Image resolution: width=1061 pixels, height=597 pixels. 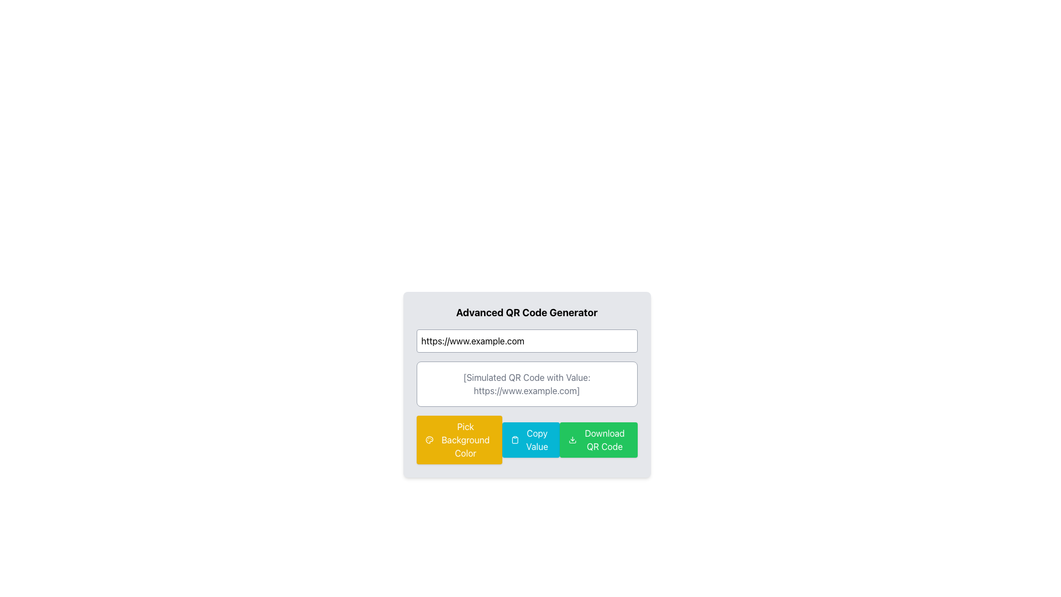 What do you see at coordinates (459, 439) in the screenshot?
I see `the first button from the left, which allows users` at bounding box center [459, 439].